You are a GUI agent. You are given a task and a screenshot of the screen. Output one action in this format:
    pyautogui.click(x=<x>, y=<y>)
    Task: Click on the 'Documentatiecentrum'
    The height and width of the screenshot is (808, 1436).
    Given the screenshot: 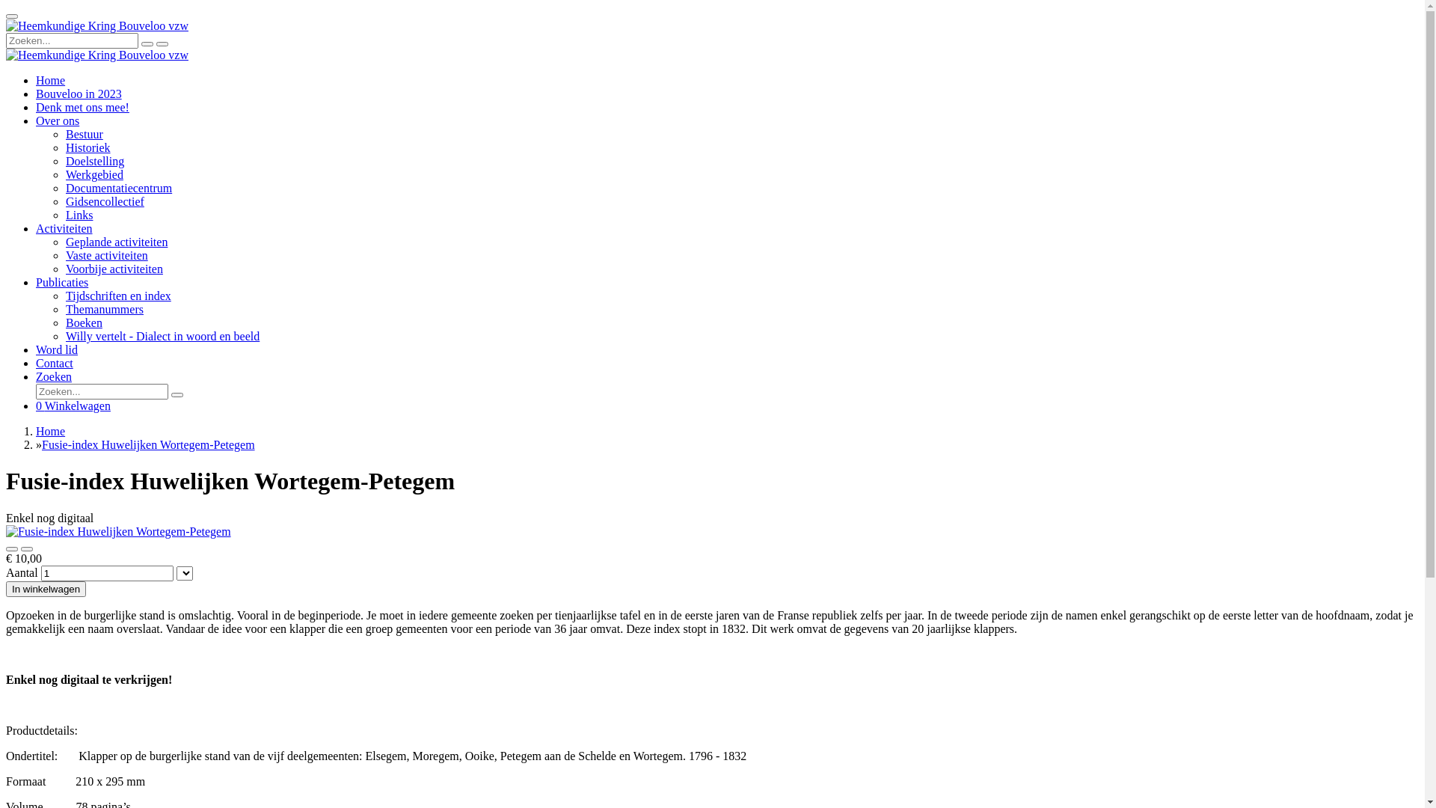 What is the action you would take?
    pyautogui.click(x=64, y=187)
    